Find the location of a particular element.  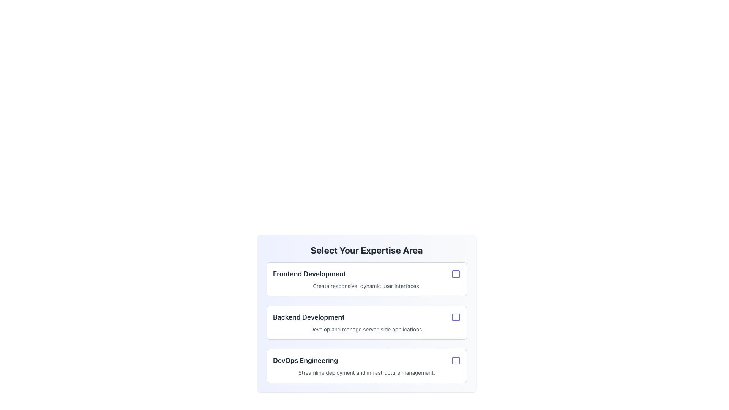

the textual component that reads 'Streamline deployment and infrastructure management.' located below the 'DevOps Engineering' title within a card layout is located at coordinates (366, 372).